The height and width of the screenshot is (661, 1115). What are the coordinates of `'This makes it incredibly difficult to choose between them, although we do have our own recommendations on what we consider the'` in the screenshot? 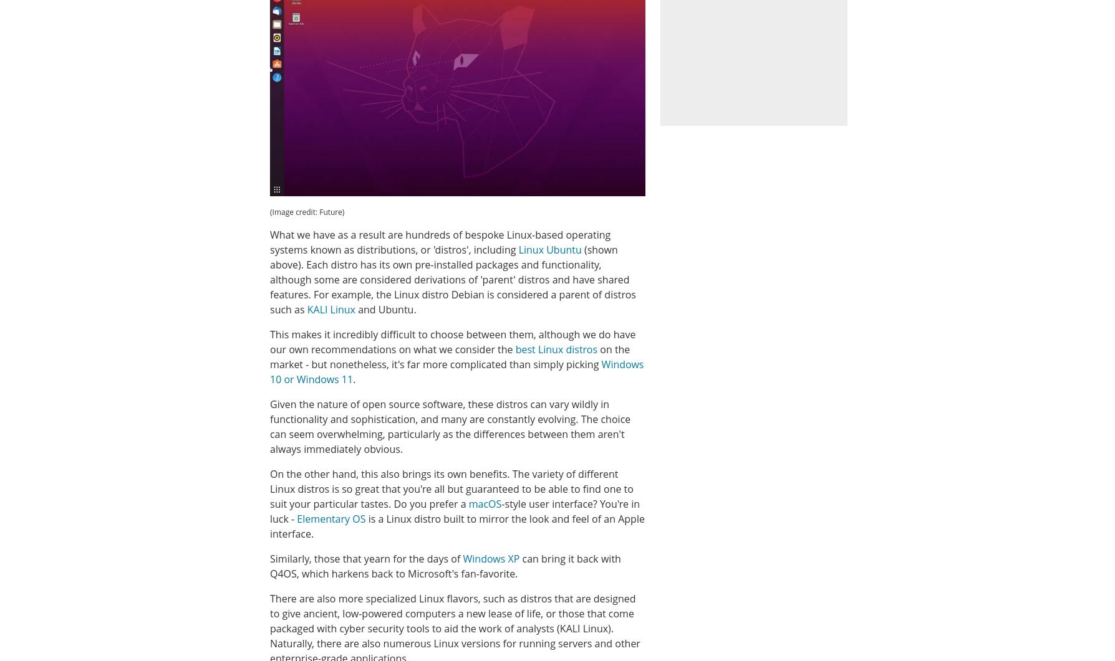 It's located at (269, 341).